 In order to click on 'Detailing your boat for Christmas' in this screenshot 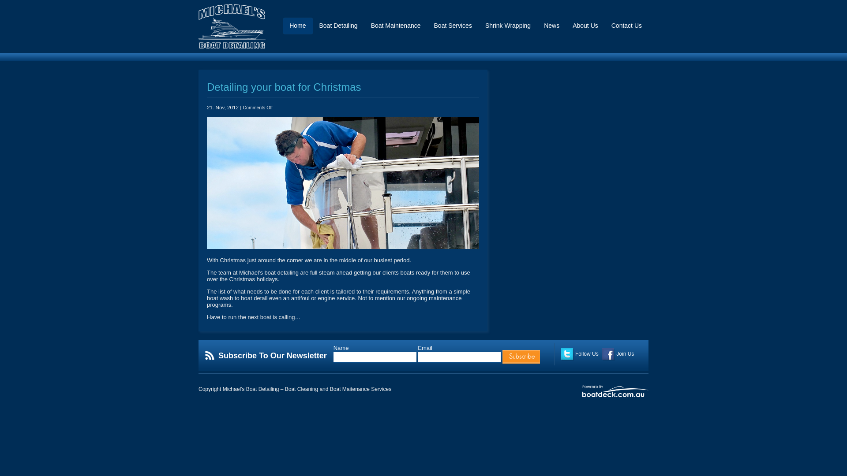, I will do `click(284, 87)`.